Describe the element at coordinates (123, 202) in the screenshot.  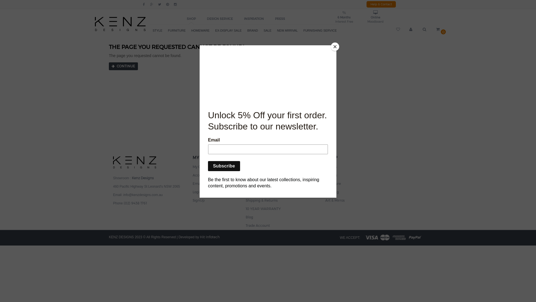
I see `'(02) 9438 1761'` at that location.